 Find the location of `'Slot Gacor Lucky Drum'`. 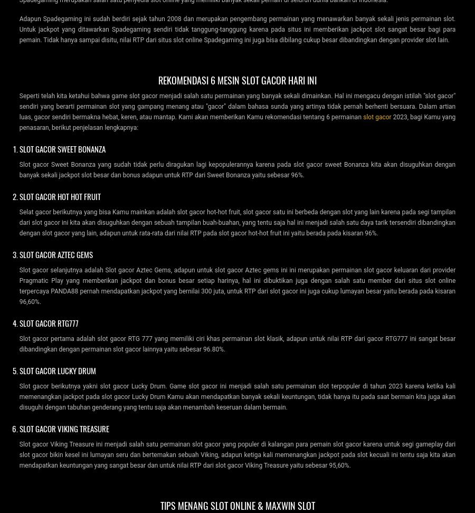

'Slot Gacor Lucky Drum' is located at coordinates (18, 369).